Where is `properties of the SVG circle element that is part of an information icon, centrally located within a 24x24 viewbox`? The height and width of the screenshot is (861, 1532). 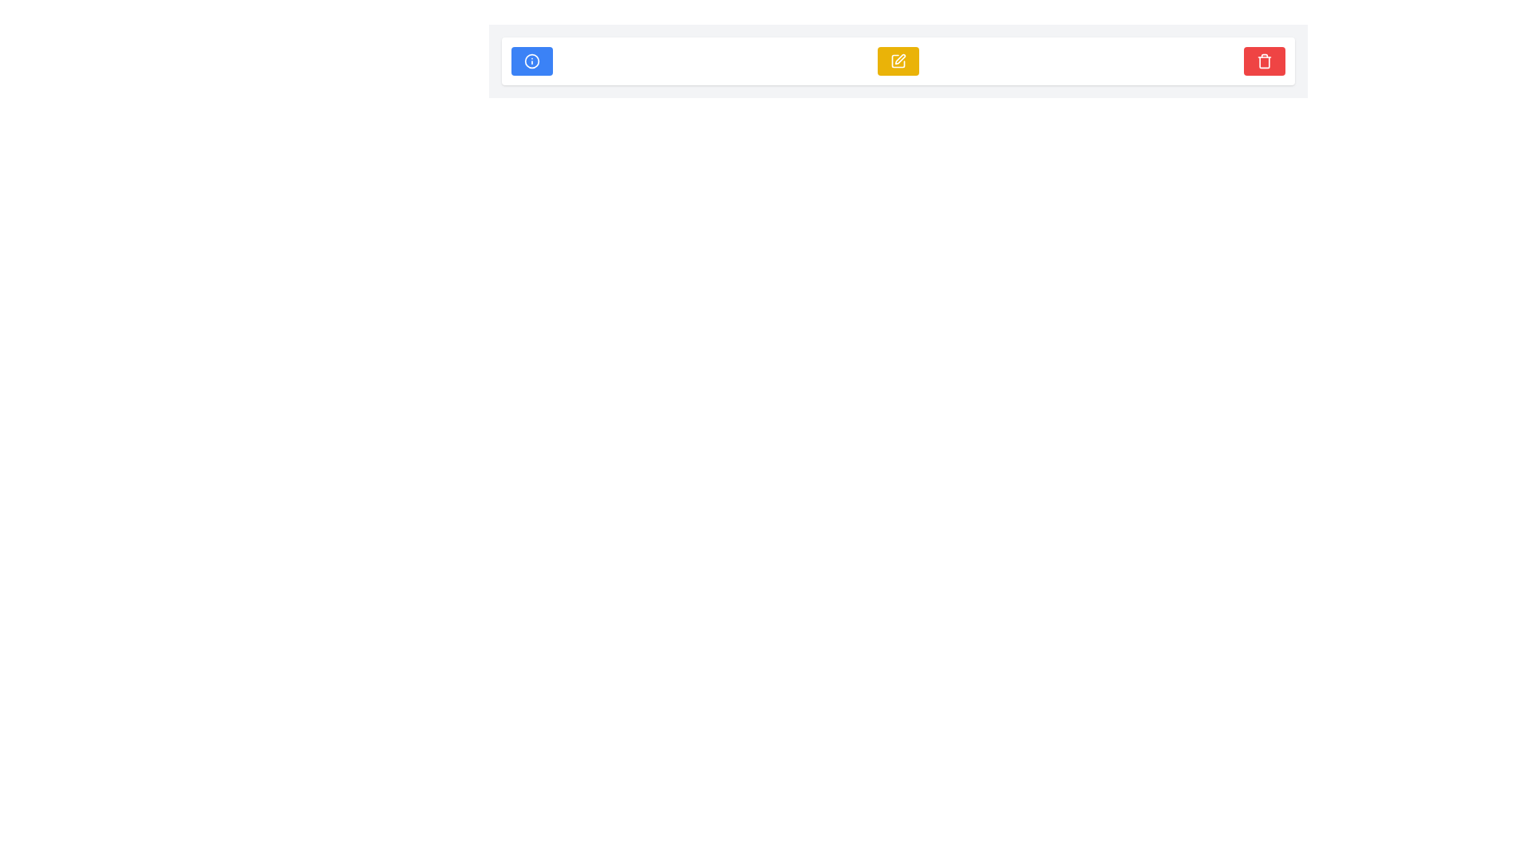
properties of the SVG circle element that is part of an information icon, centrally located within a 24x24 viewbox is located at coordinates (532, 61).